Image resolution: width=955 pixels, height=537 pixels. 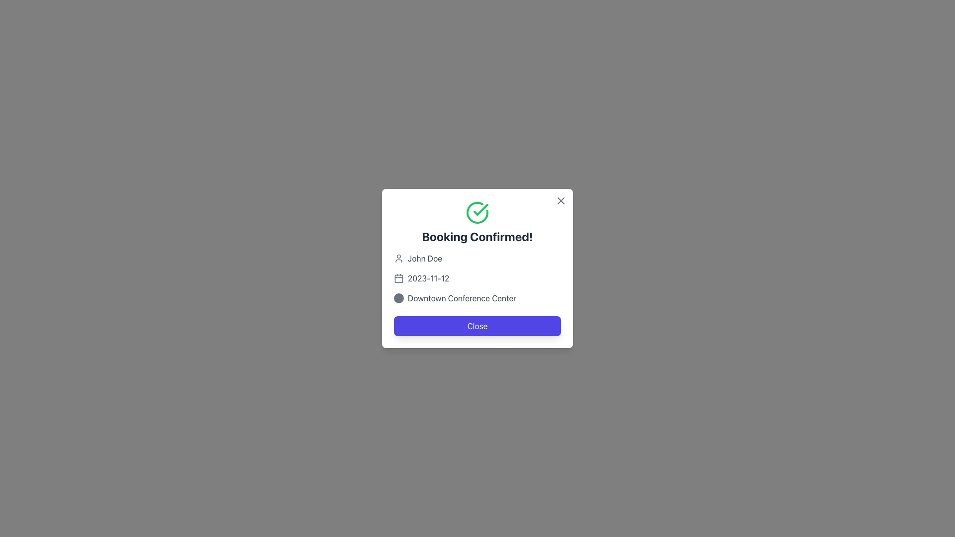 I want to click on the user profile icon, which is a minimalistic gray circular head and oval shoulders, located to the left of the text 'John Doe', so click(x=398, y=258).